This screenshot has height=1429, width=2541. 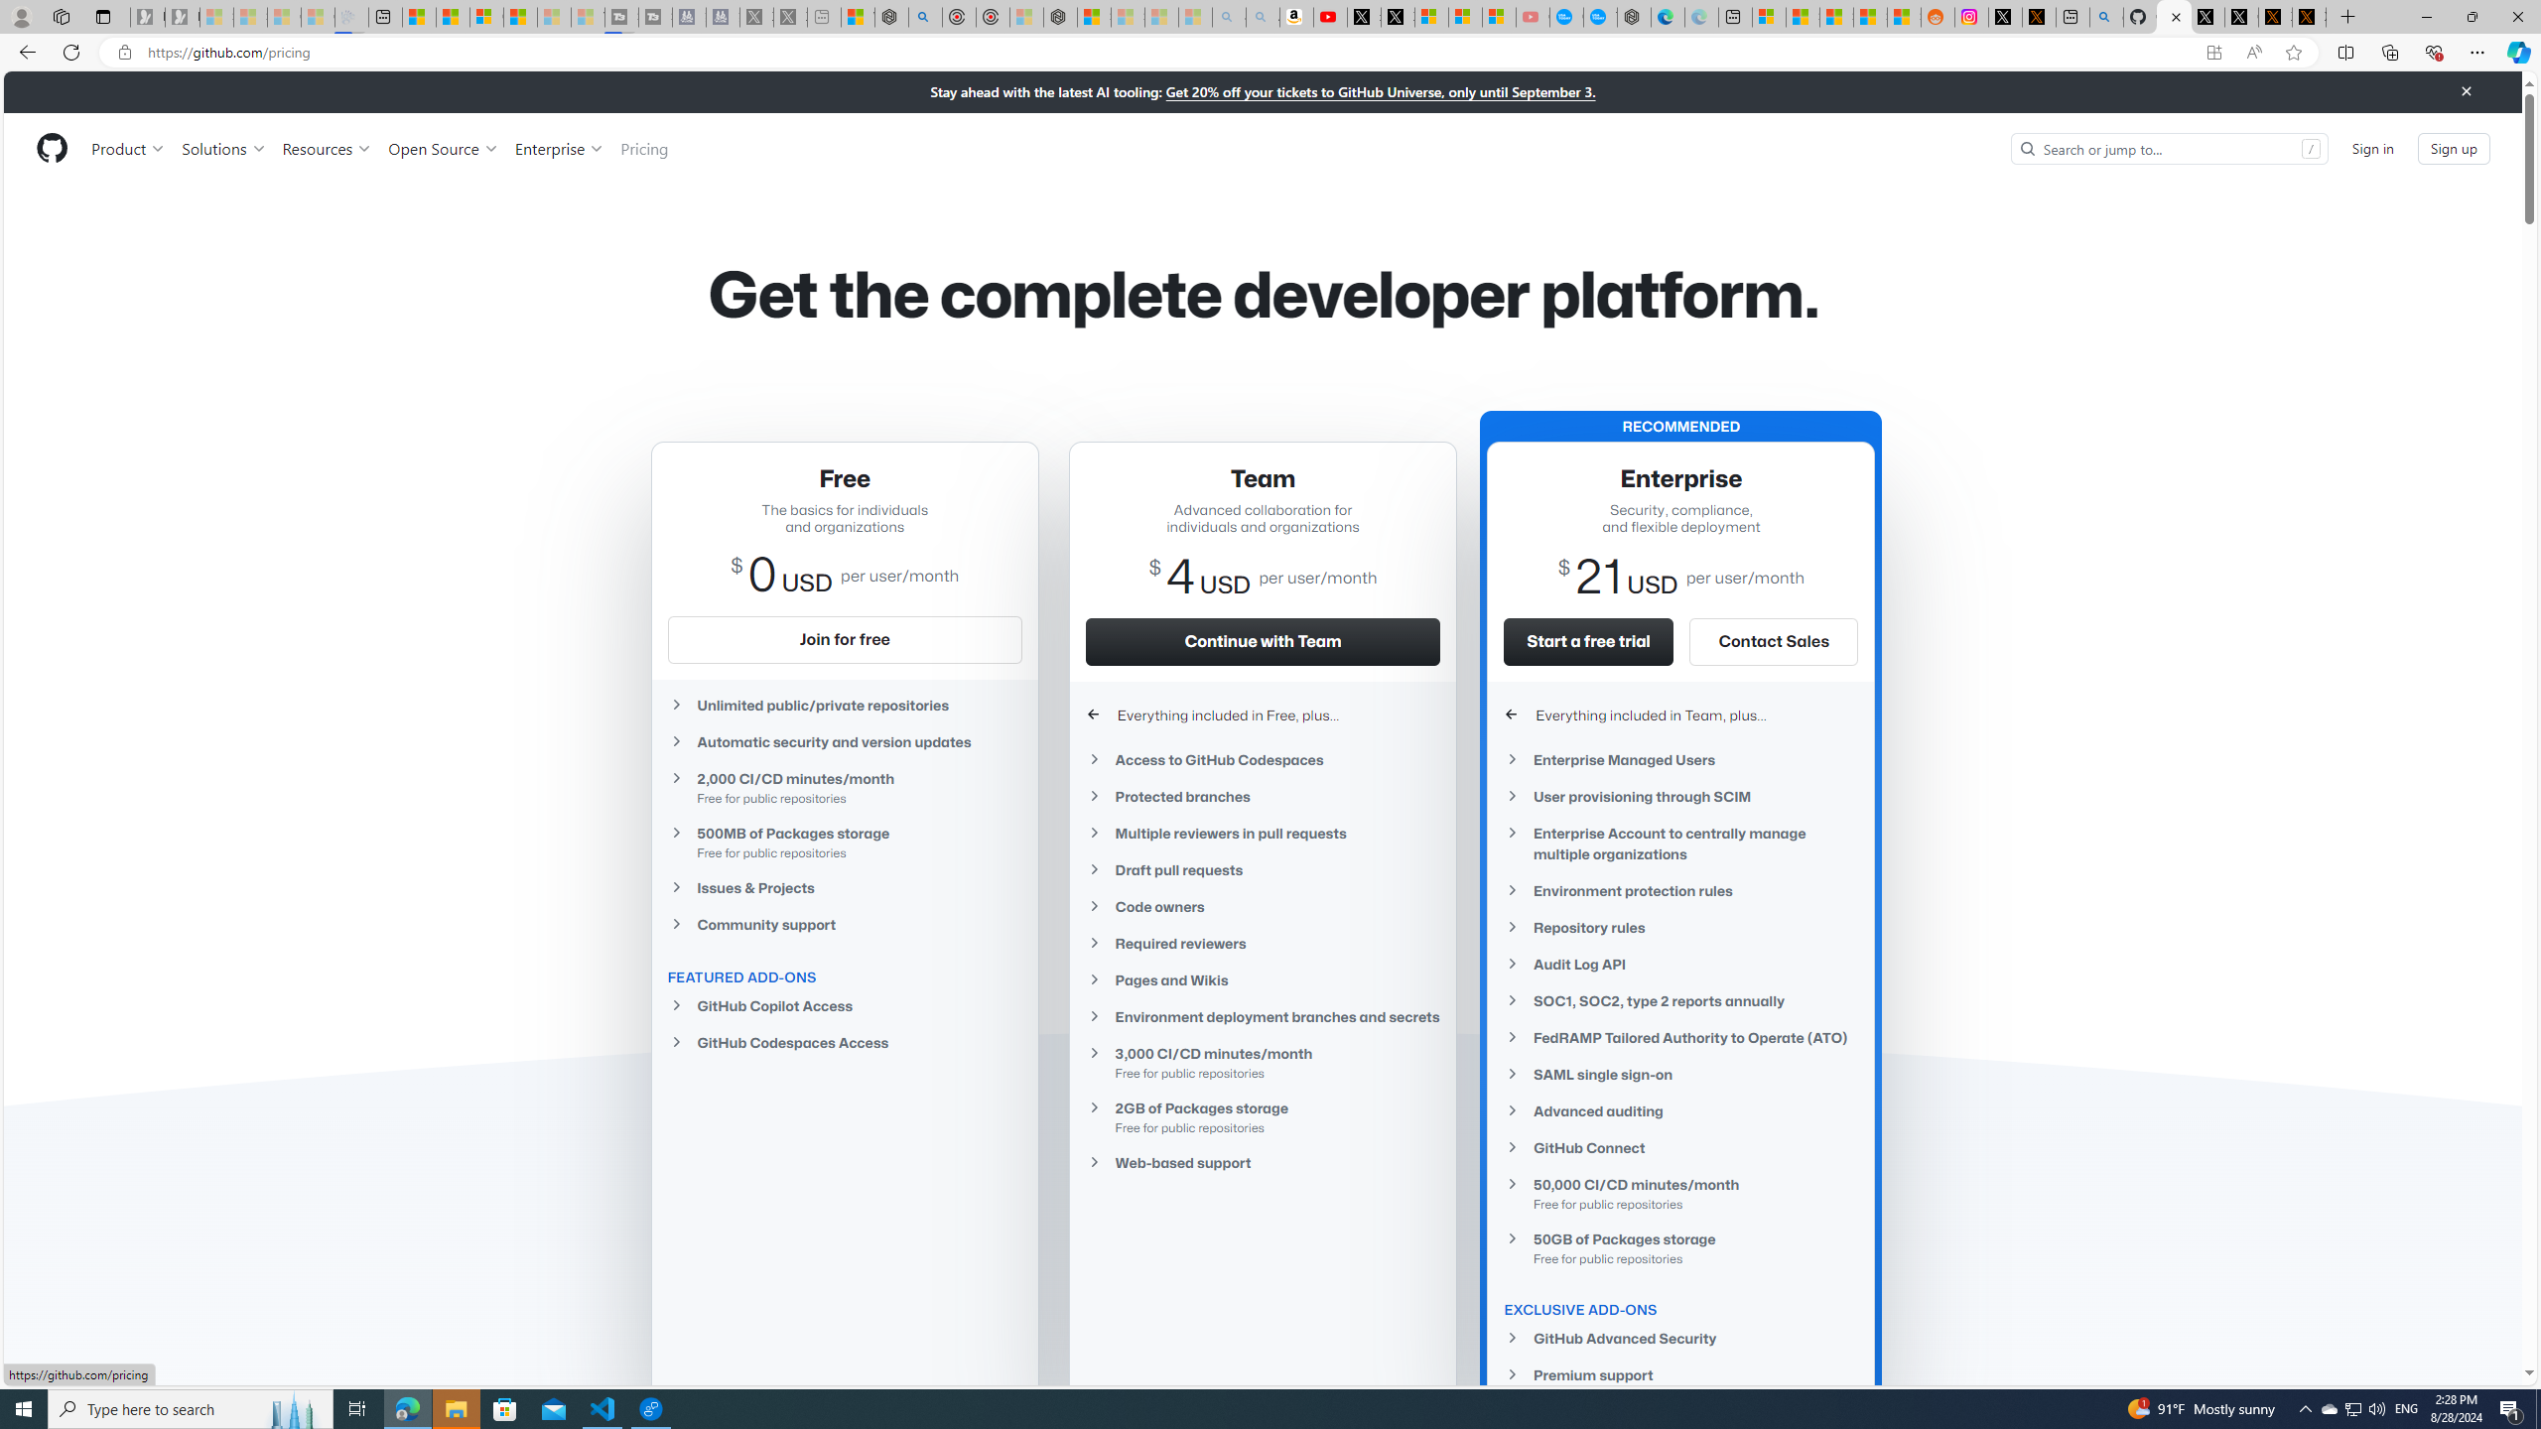 I want to click on '2,000 CI/CD minutes/month Free for public repositories', so click(x=842, y=787).